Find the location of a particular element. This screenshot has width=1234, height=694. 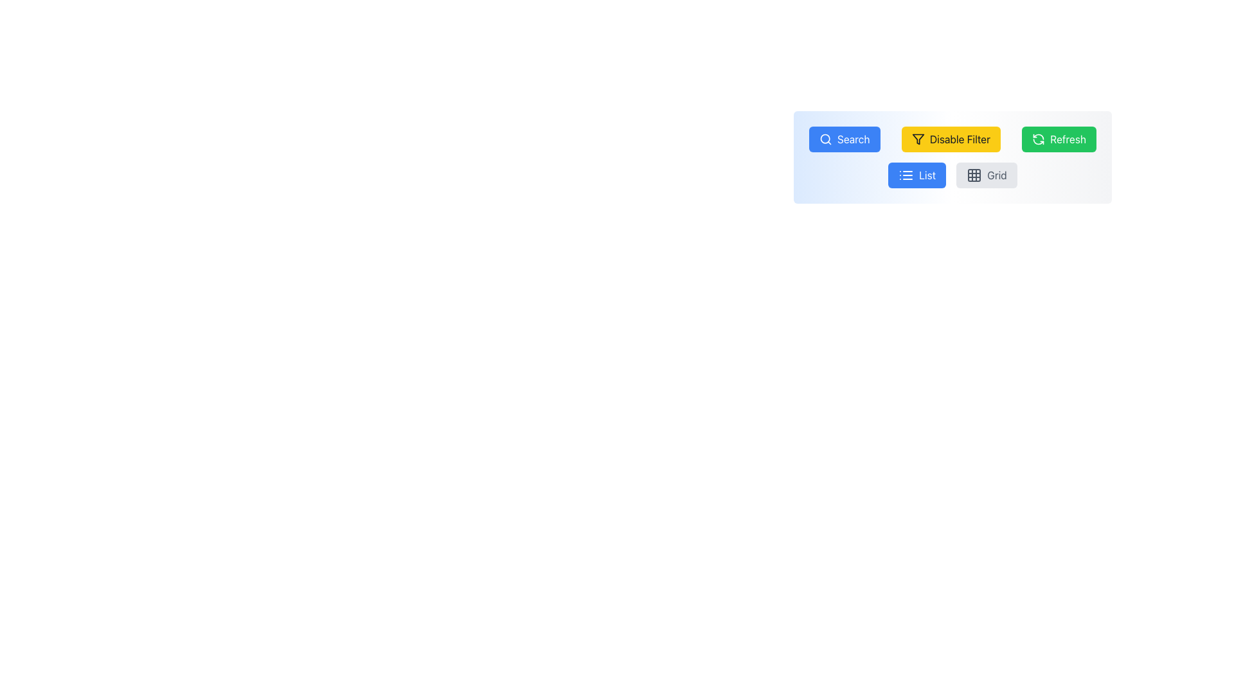

the text label 'Refresh' inside the rightmost green button in the top-right area of the user interface, which indicates the functionality to refresh or reload the content is located at coordinates (1068, 139).